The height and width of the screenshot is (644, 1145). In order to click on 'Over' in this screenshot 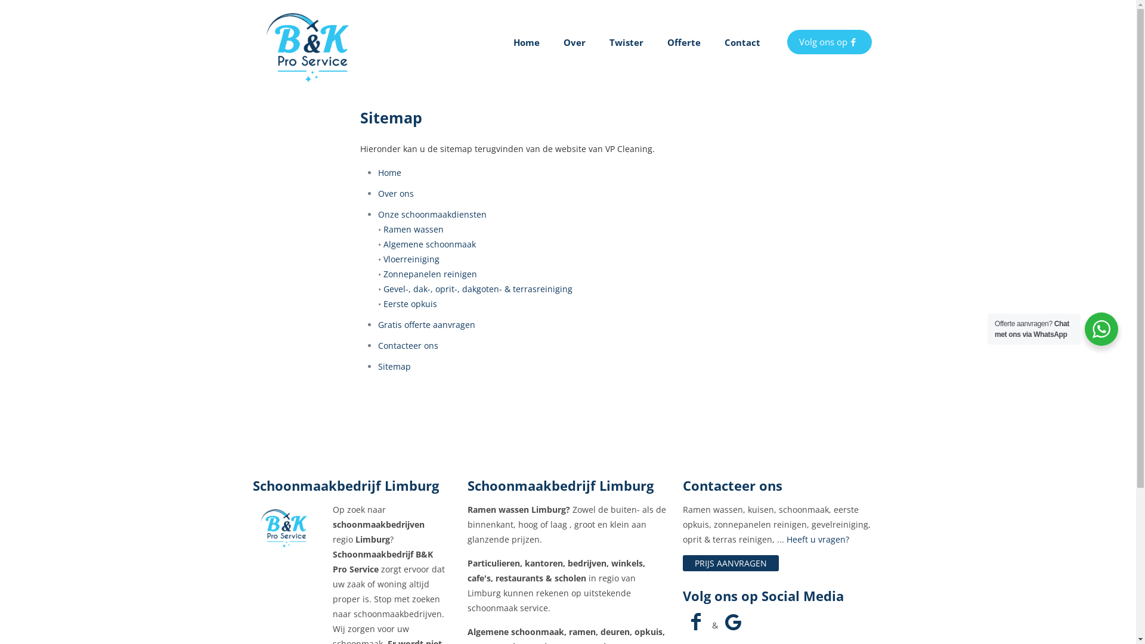, I will do `click(574, 41)`.